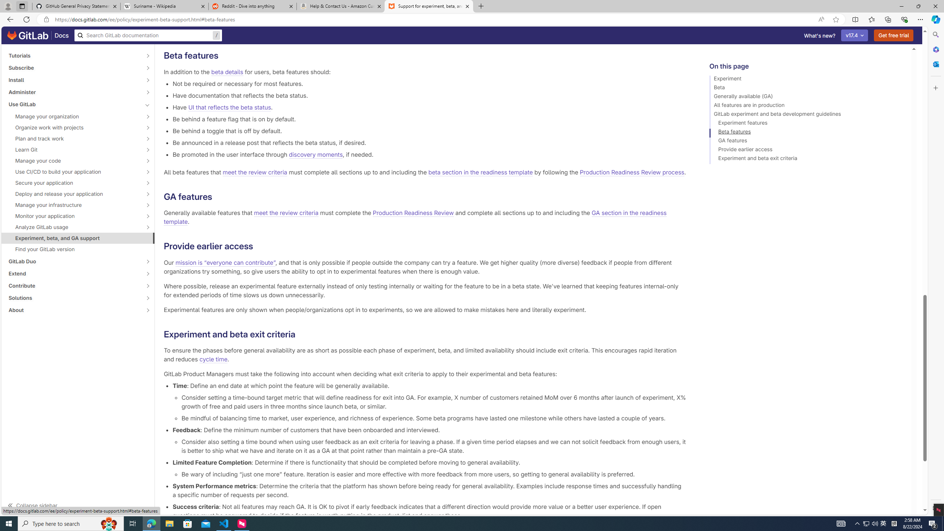  Describe the element at coordinates (73, 160) in the screenshot. I see `'Manage your code'` at that location.